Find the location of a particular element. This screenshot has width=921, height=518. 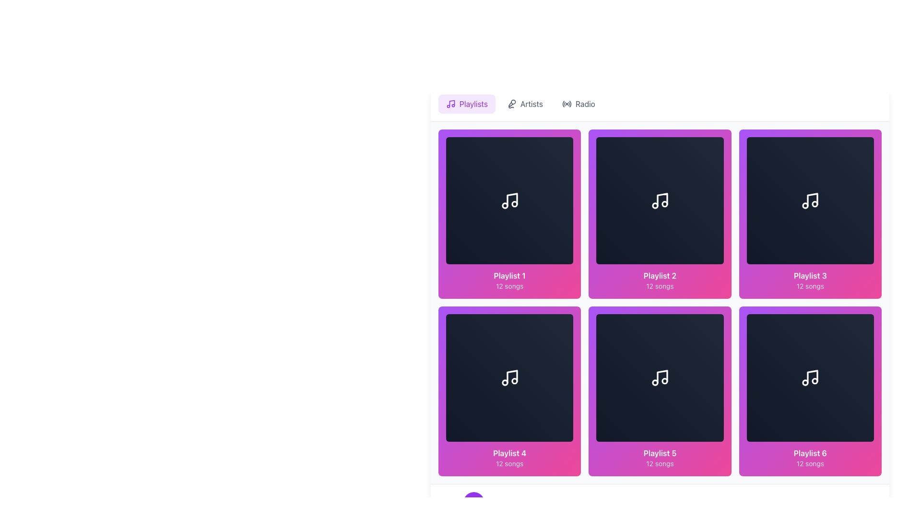

the musical note icon within the 'Playlists' button located in the upper-left corner of the interface is located at coordinates (450, 104).